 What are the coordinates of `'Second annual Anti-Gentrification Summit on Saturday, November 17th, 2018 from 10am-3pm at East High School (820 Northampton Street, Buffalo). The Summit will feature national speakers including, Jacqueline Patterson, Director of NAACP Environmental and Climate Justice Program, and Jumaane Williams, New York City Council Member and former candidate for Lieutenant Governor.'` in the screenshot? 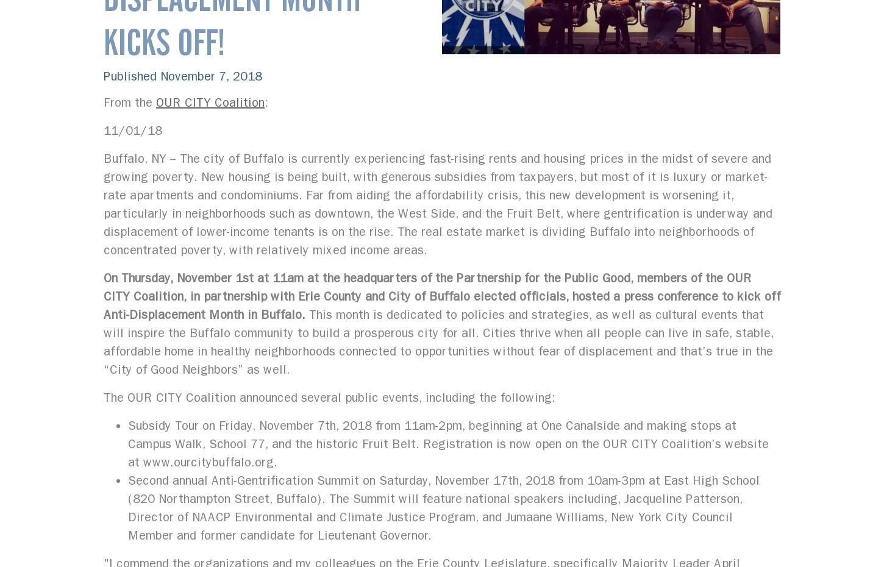 It's located at (444, 507).